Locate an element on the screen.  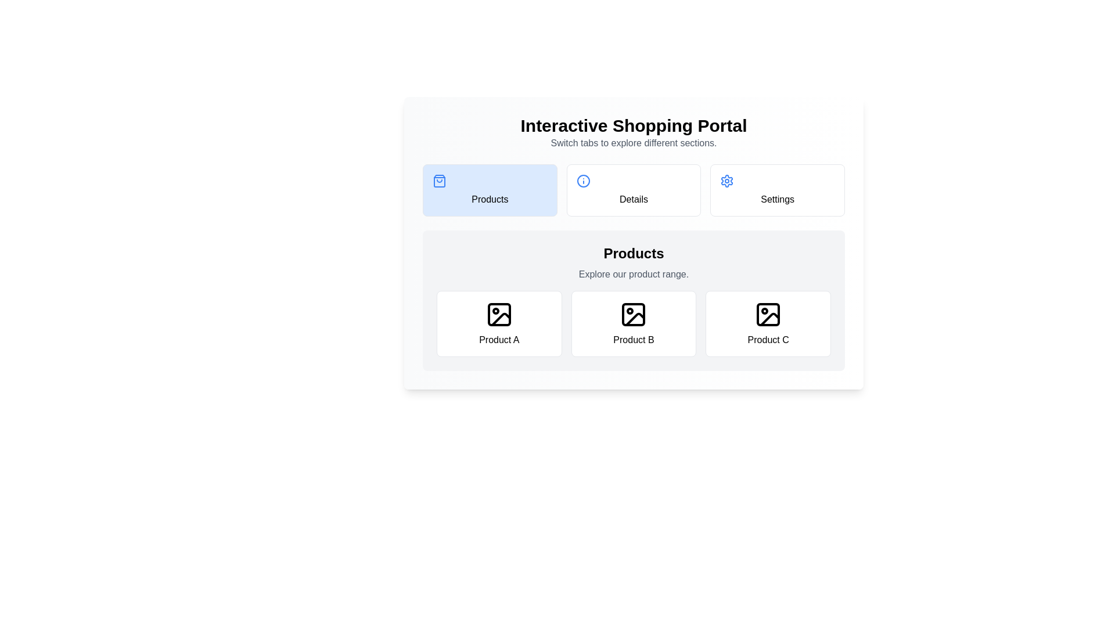
the product card labeled Product B is located at coordinates (633, 324).